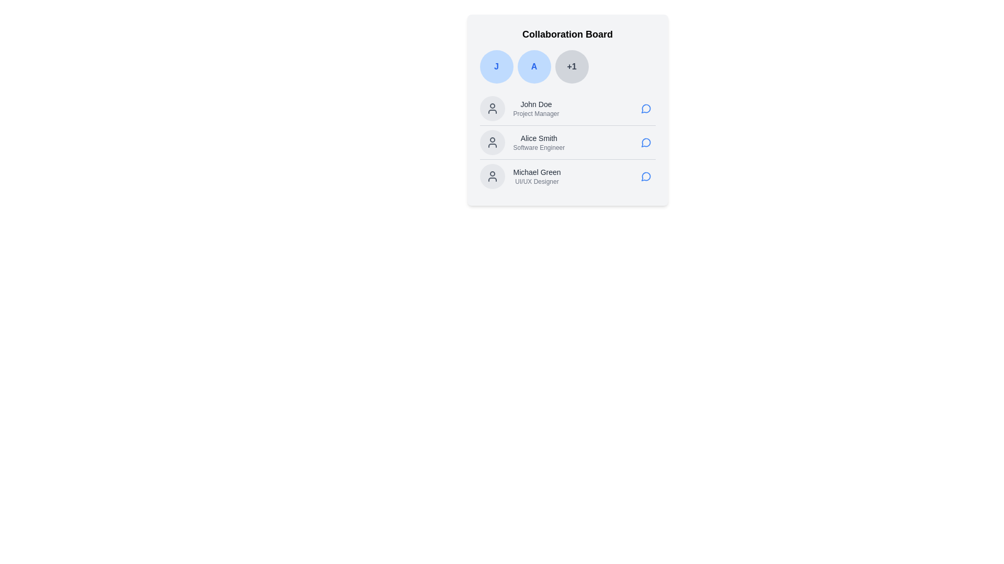  I want to click on the message icon located to the right of 'John Doe' on the Collaboration Board, so click(645, 109).